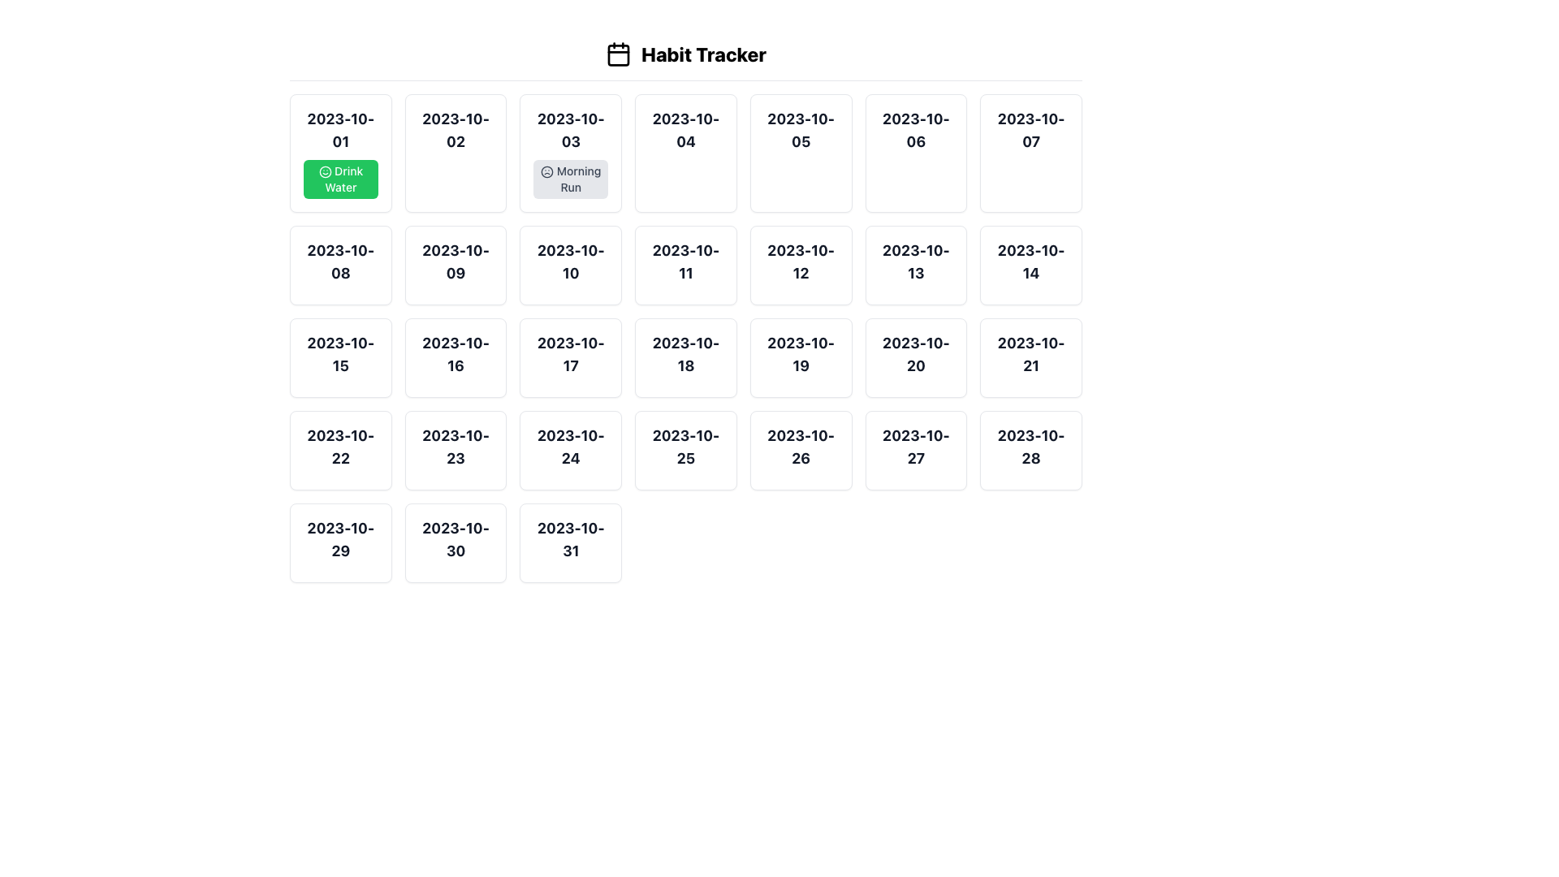  I want to click on the Calendar date card representing the date '2023-10-24', located in the fourth row and third column of the grid view, so click(571, 451).